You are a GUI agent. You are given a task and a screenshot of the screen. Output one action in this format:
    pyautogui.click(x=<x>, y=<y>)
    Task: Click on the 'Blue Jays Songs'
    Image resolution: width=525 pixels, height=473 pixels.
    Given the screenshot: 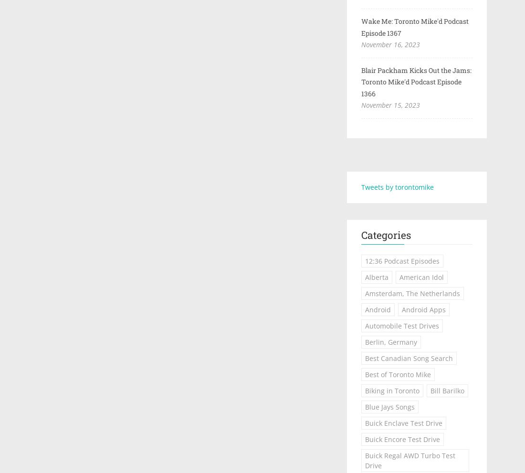 What is the action you would take?
    pyautogui.click(x=389, y=406)
    